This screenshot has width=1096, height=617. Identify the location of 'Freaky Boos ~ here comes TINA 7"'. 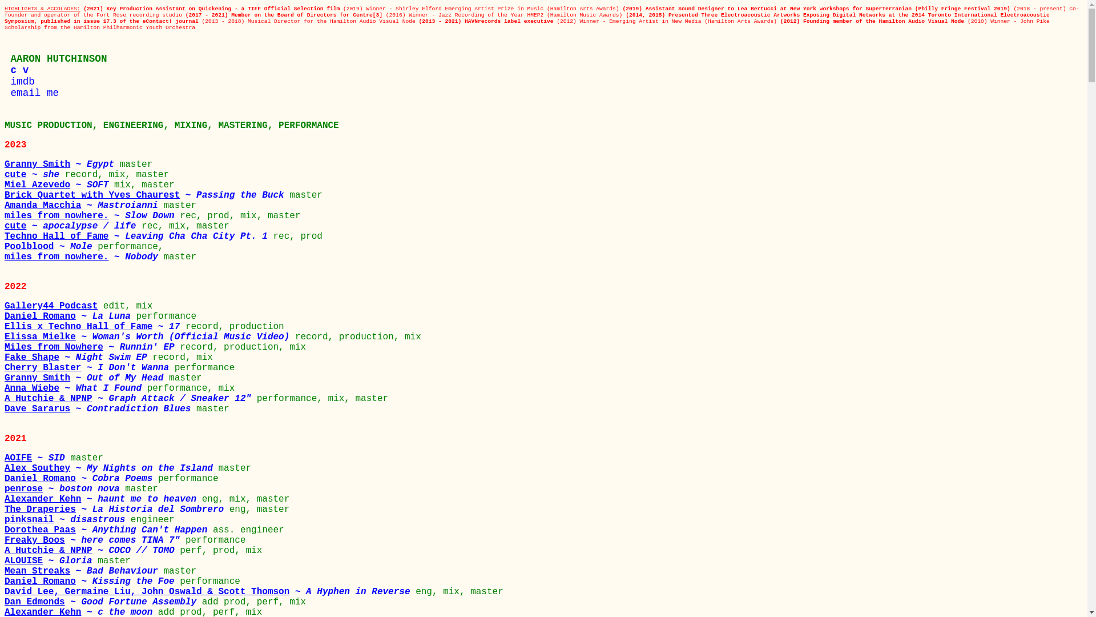
(95, 540).